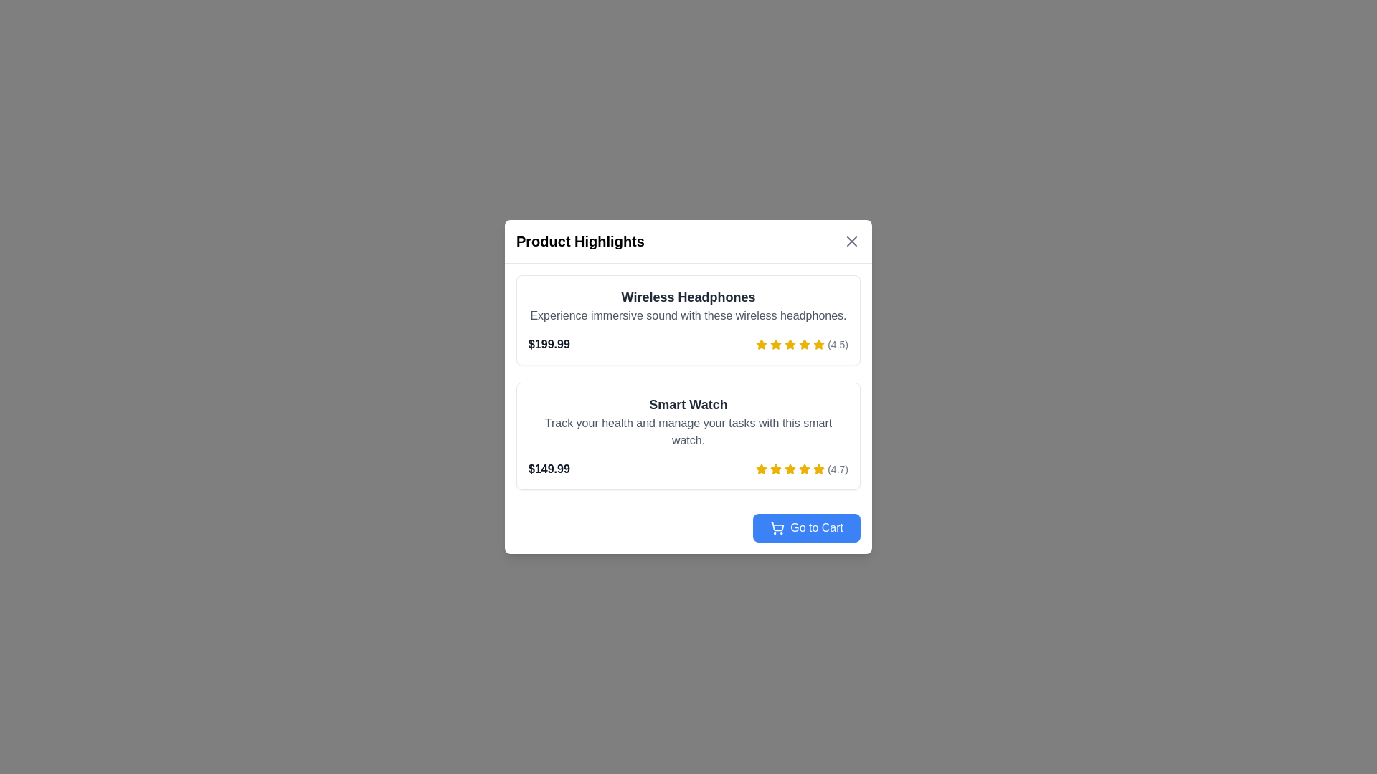 Image resolution: width=1377 pixels, height=774 pixels. I want to click on the fourth star icon in the rating section of the 'Smart Watch' category, which visually represents a rating value of 4.7, so click(790, 469).